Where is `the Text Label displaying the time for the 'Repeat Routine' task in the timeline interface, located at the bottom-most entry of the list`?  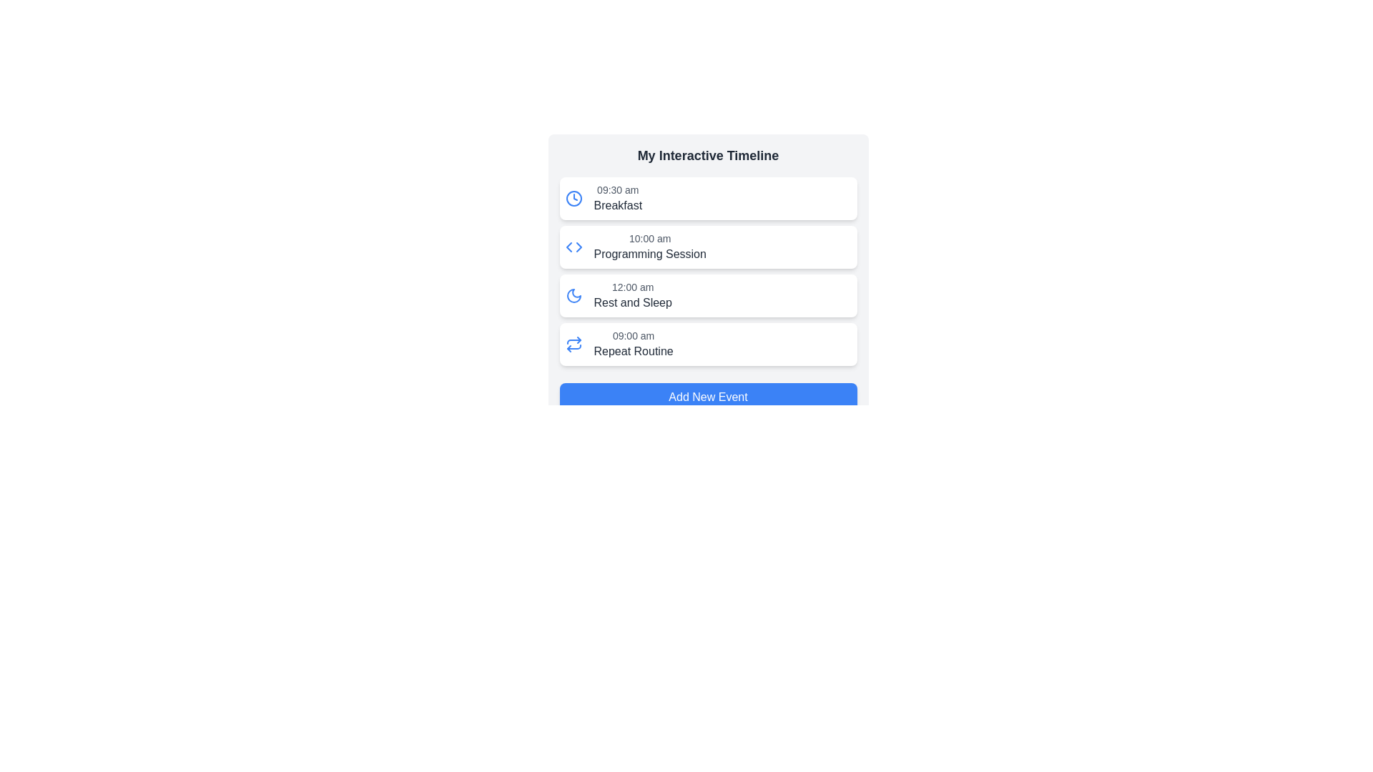 the Text Label displaying the time for the 'Repeat Routine' task in the timeline interface, located at the bottom-most entry of the list is located at coordinates (633, 336).